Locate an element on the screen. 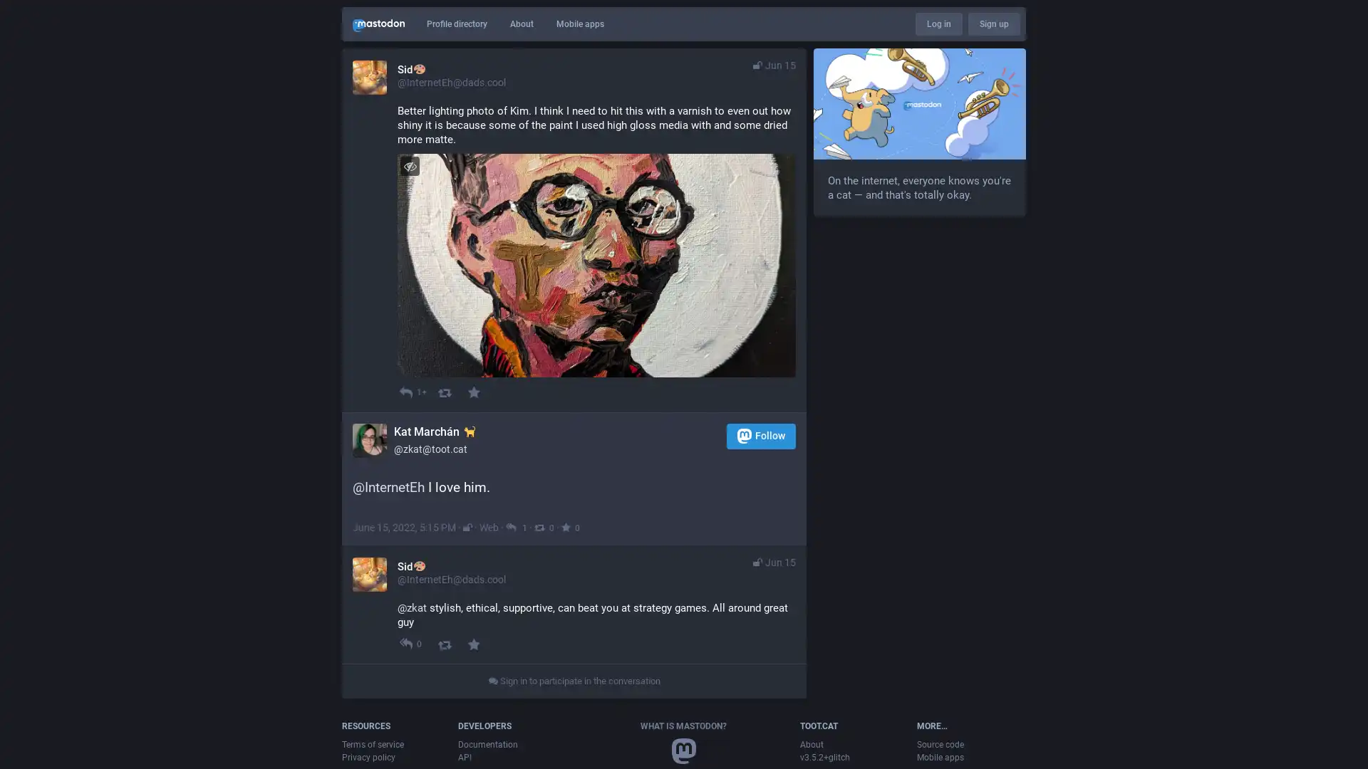 The image size is (1368, 769). Hide image is located at coordinates (409, 165).